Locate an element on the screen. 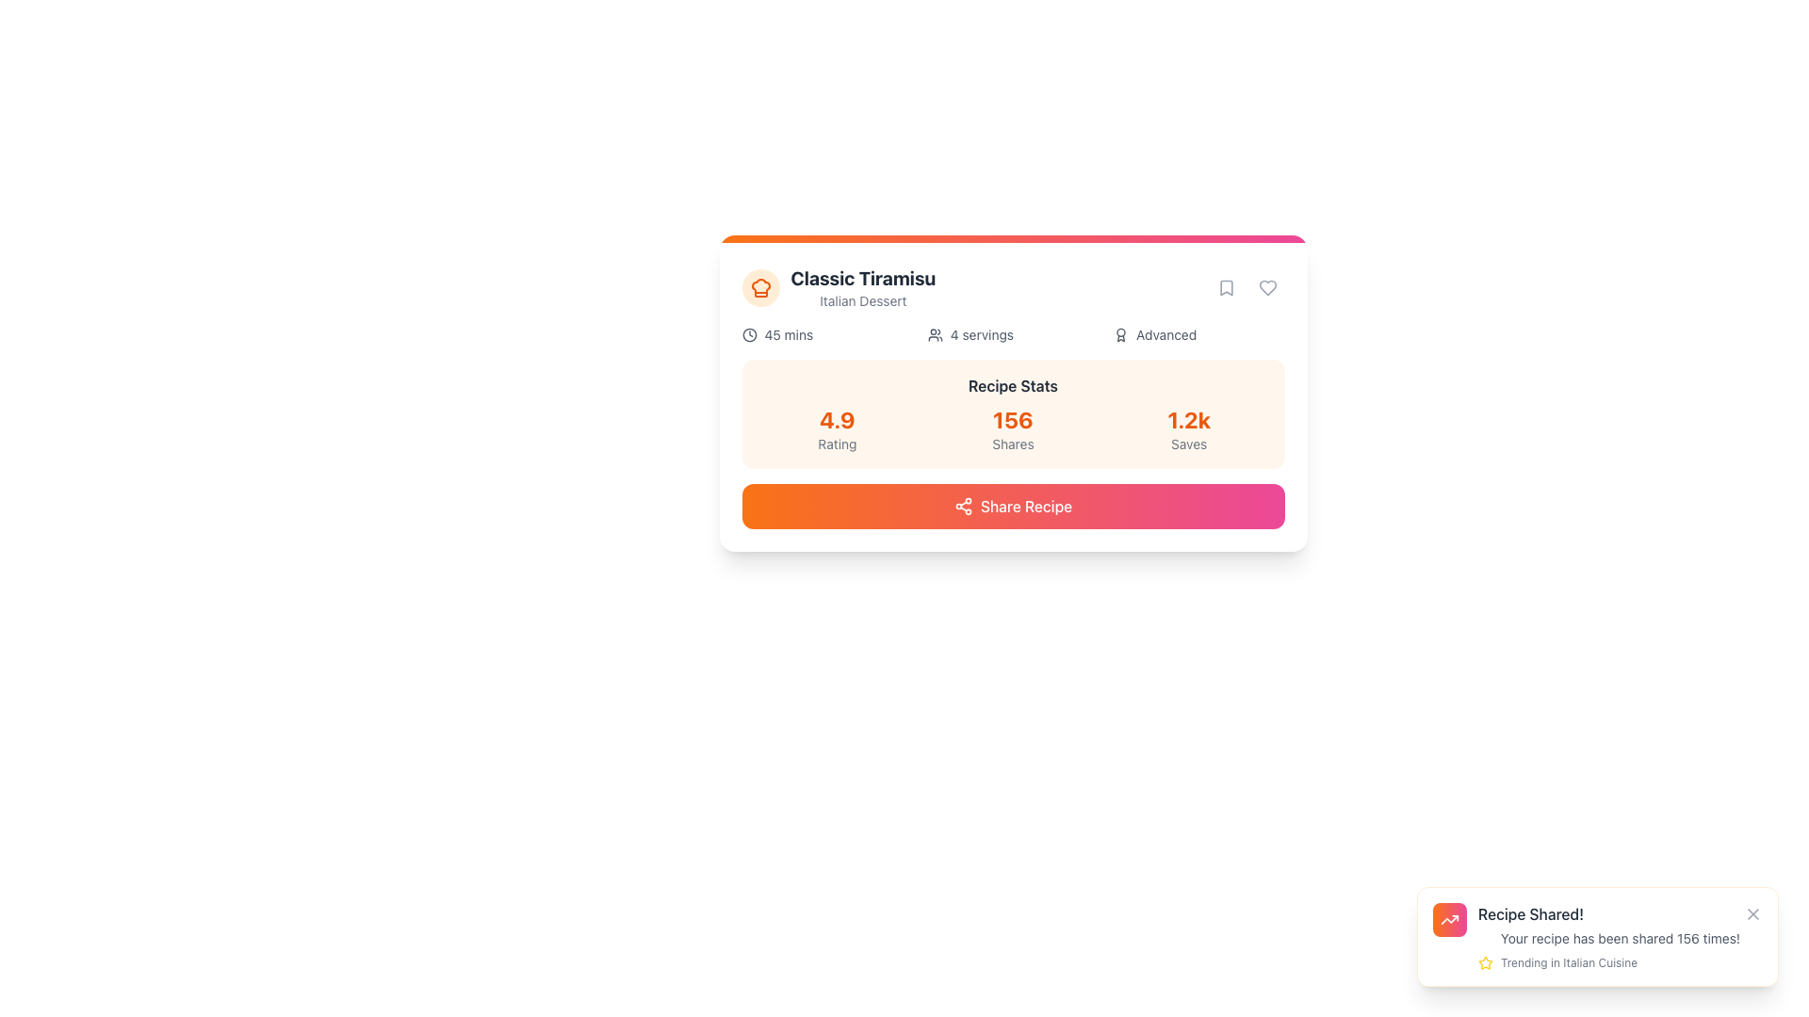 The height and width of the screenshot is (1017, 1809). text content of the Text Label that provides information about the preparation or cooking time for the recipe, located below the title 'Classic Tiramisu' and next to a clock icon is located at coordinates (789, 333).